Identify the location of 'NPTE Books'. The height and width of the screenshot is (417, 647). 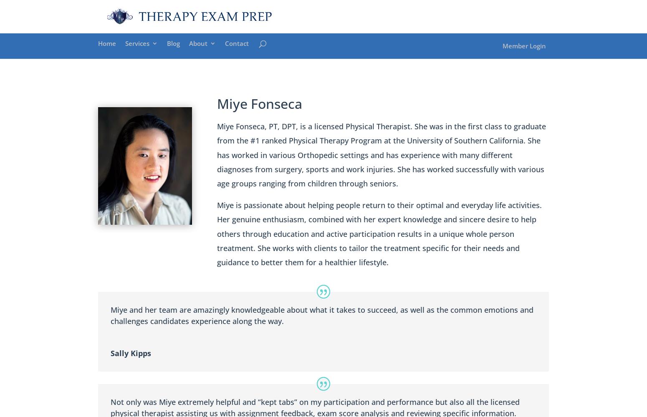
(223, 126).